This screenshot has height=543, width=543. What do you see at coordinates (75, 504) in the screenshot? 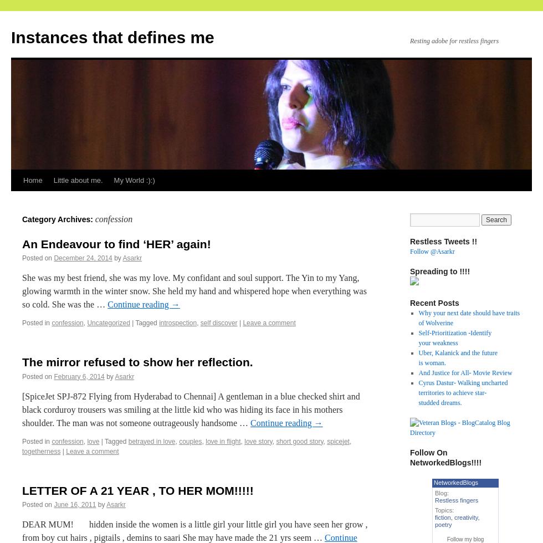
I see `'June 16, 2011'` at bounding box center [75, 504].